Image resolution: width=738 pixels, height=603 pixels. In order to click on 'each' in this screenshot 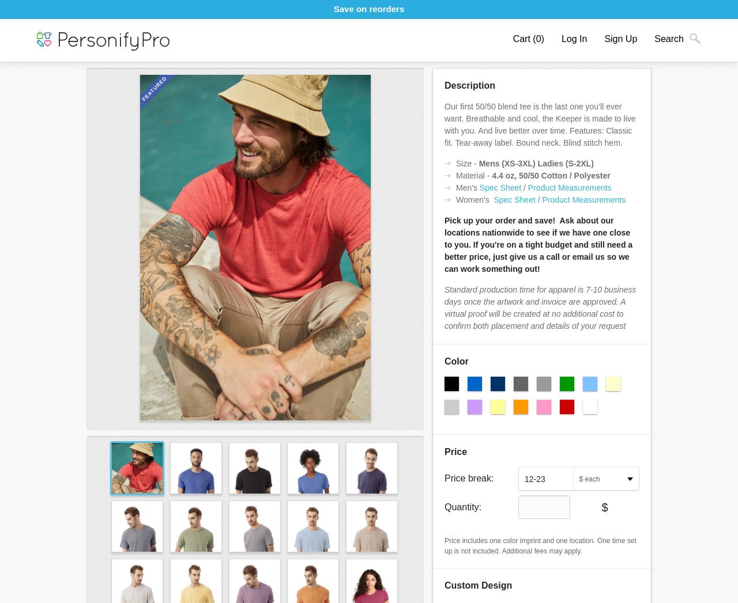, I will do `click(591, 479)`.